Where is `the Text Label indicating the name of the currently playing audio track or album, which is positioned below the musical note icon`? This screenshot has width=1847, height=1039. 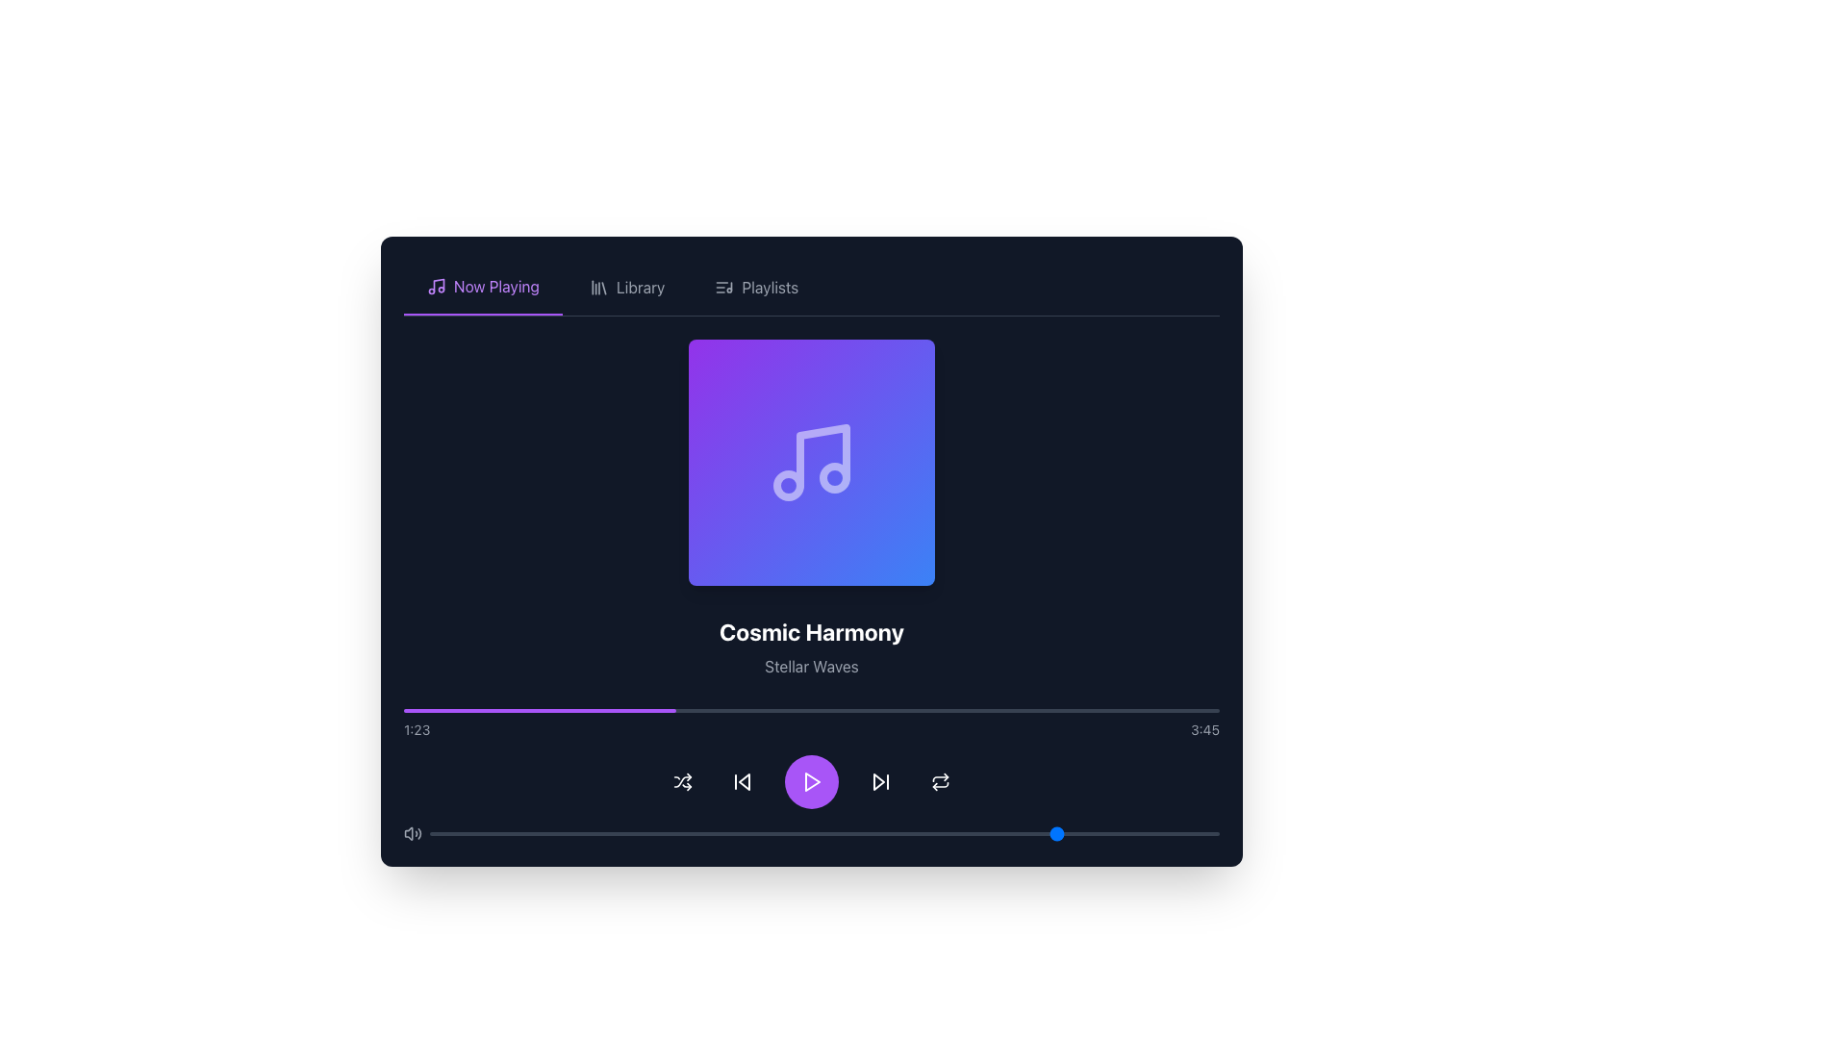
the Text Label indicating the name of the currently playing audio track or album, which is positioned below the musical note icon is located at coordinates (812, 631).